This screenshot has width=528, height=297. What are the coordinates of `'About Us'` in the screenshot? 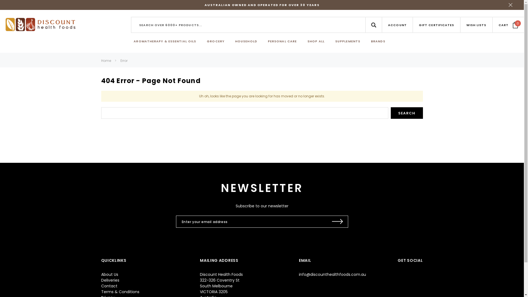 It's located at (109, 274).